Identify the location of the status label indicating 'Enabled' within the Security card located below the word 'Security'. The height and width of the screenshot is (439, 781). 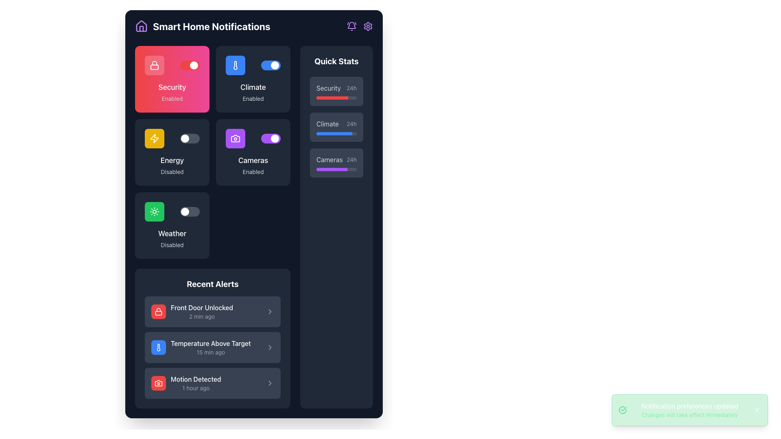
(172, 98).